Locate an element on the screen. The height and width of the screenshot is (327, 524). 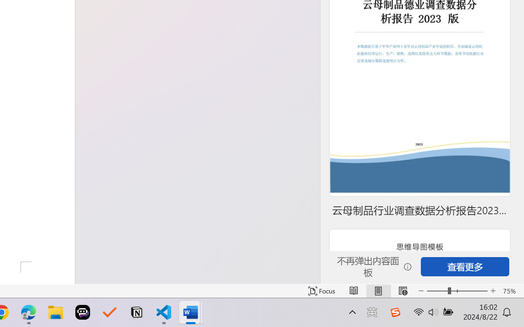
'Read Mode' is located at coordinates (354, 291).